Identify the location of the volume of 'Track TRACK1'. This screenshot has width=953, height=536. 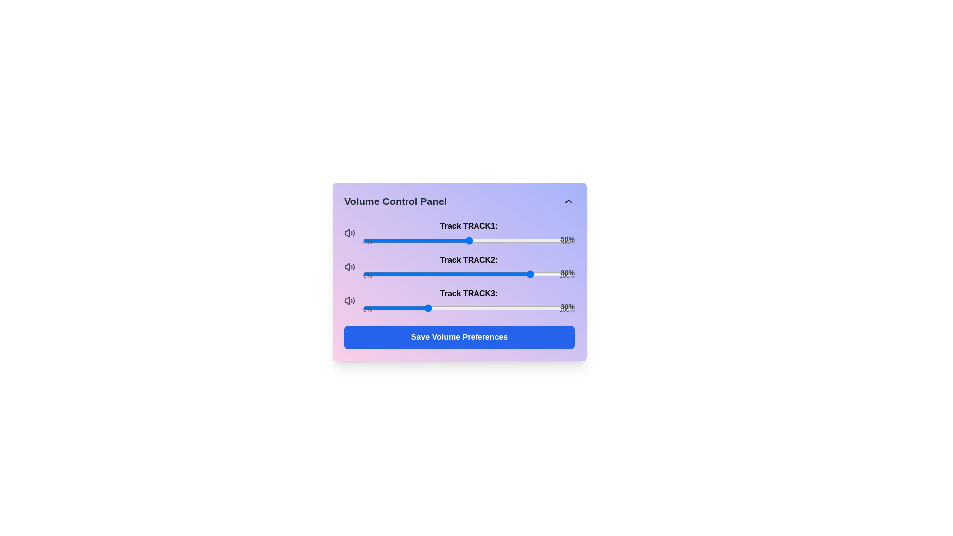
(382, 241).